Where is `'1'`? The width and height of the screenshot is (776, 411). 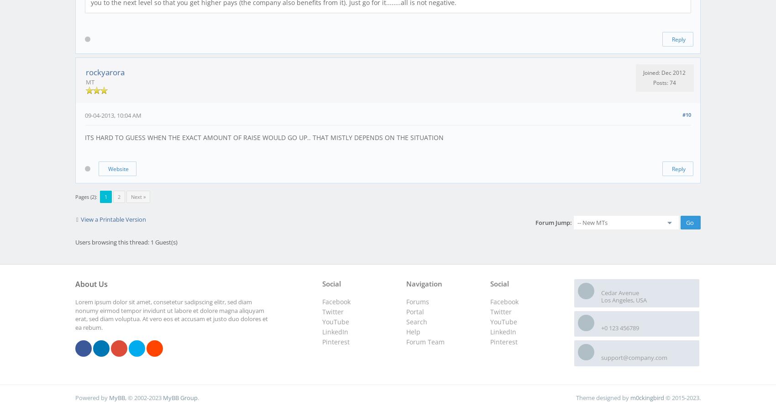 '1' is located at coordinates (106, 196).